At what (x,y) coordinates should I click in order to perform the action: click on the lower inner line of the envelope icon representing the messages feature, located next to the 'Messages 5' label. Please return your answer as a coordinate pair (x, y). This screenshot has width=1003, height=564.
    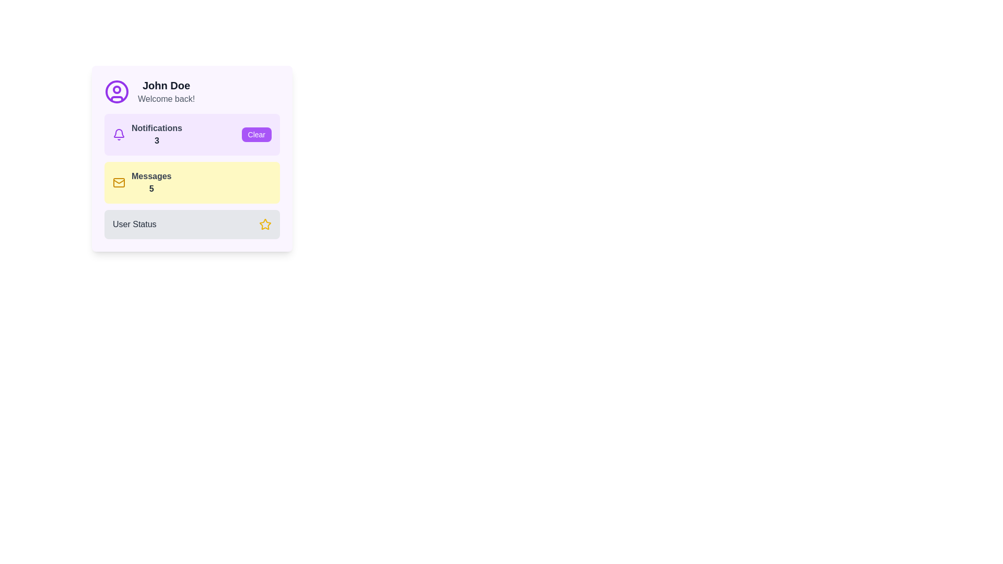
    Looking at the image, I should click on (119, 181).